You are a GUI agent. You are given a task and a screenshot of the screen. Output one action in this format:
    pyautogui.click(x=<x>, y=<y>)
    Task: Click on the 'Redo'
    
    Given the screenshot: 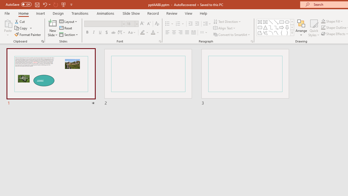 What is the action you would take?
    pyautogui.click(x=55, y=4)
    